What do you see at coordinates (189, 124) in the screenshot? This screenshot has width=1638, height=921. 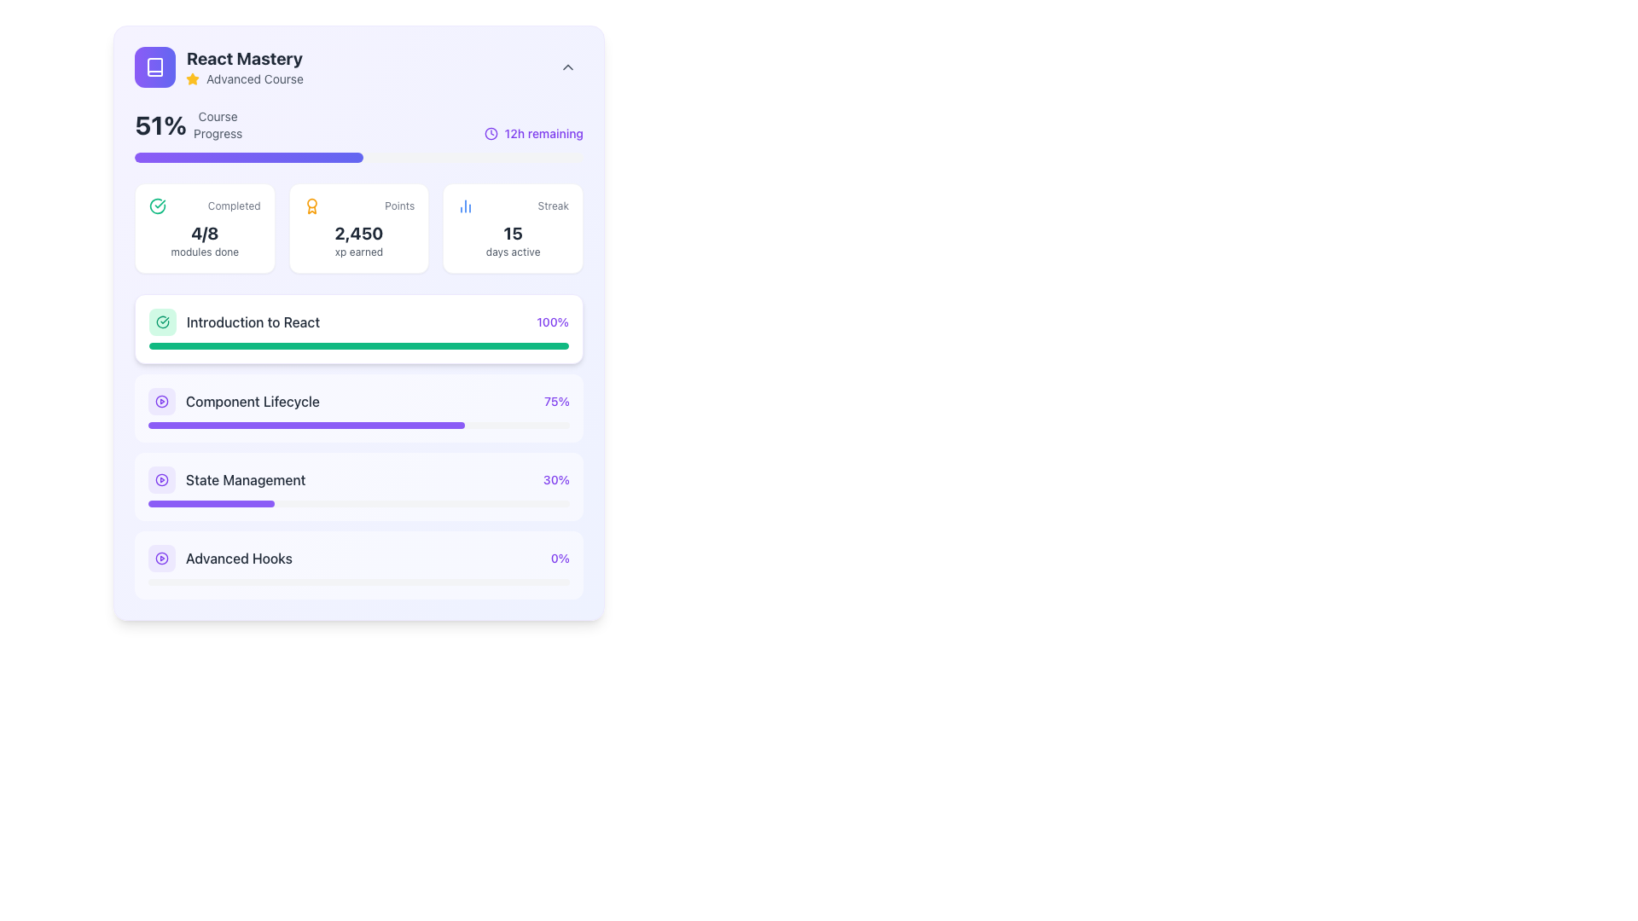 I see `the progress indicator text that displays the percentage of the course completed, located beneath the course title and icon in the top-left area of the card section` at bounding box center [189, 124].